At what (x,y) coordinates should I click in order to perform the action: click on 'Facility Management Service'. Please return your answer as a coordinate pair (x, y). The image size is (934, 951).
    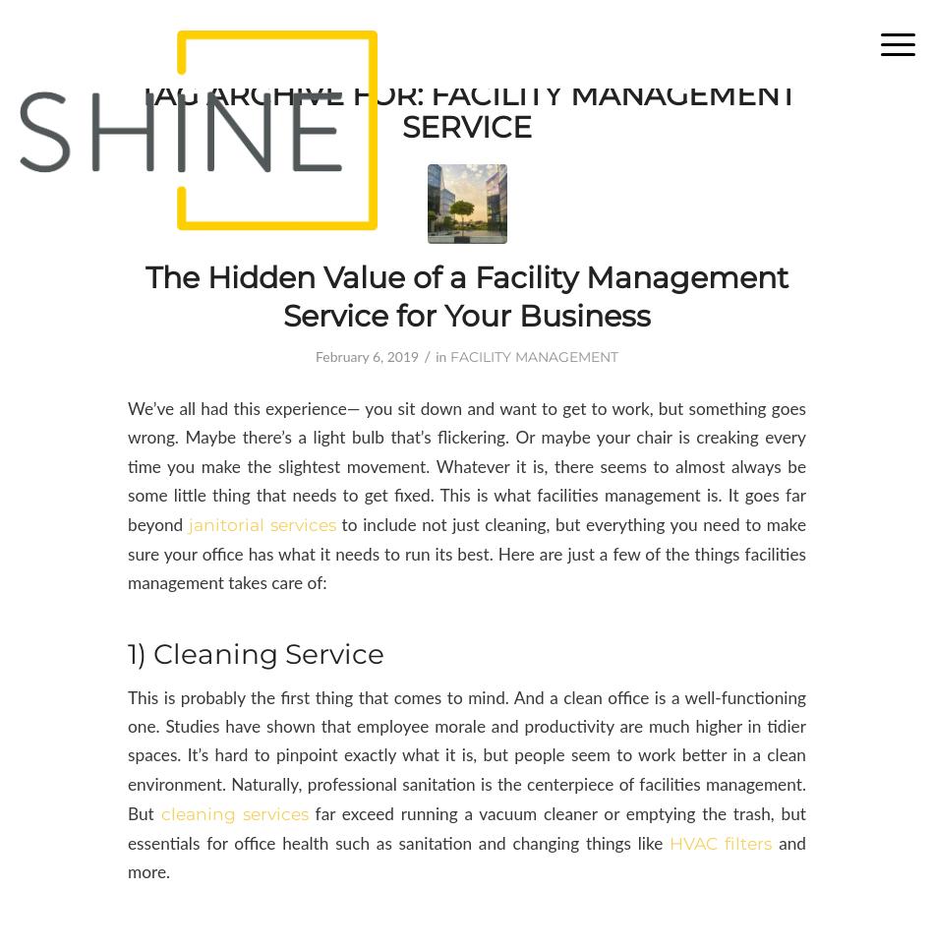
    Looking at the image, I should click on (400, 110).